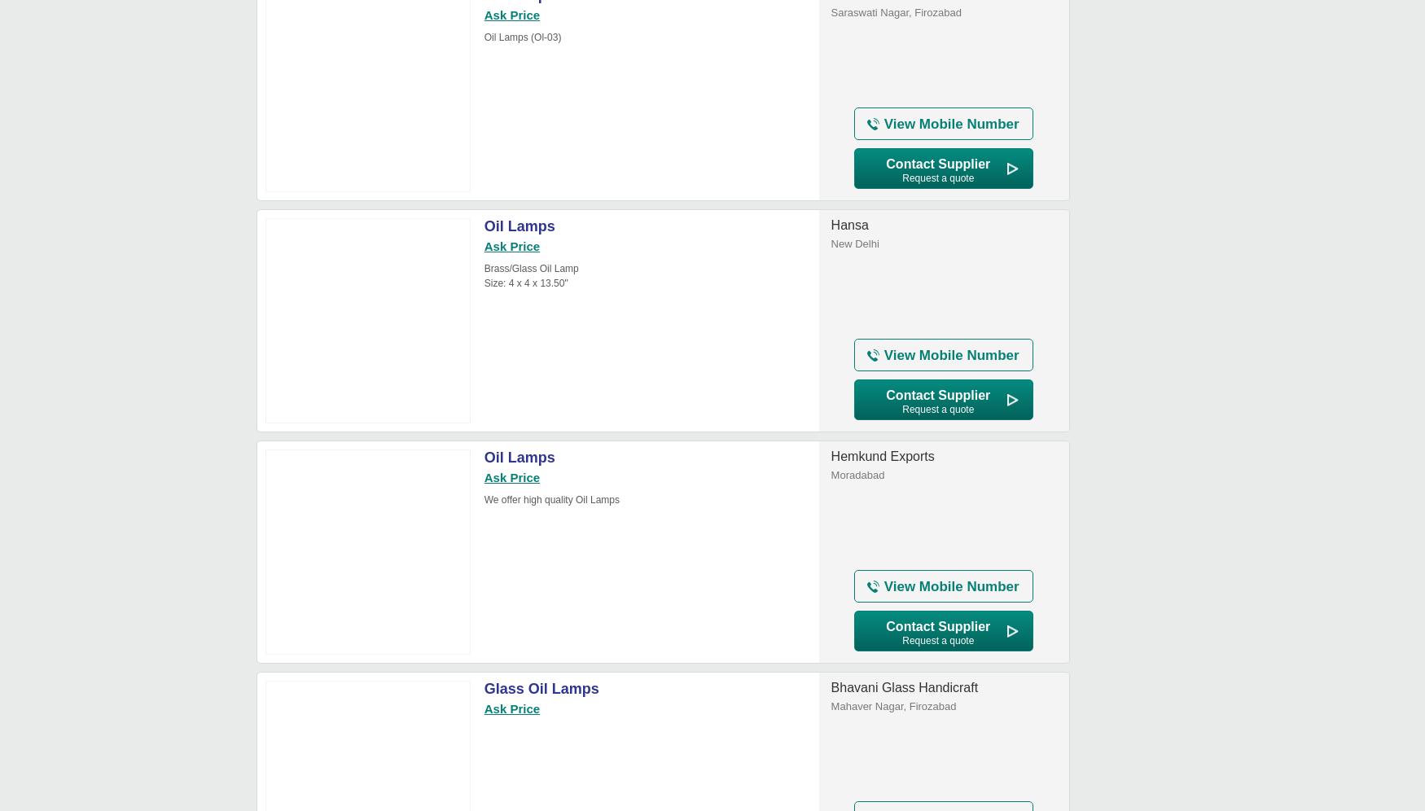  I want to click on 'Size: 4 x 4 x 13.50"', so click(483, 283).